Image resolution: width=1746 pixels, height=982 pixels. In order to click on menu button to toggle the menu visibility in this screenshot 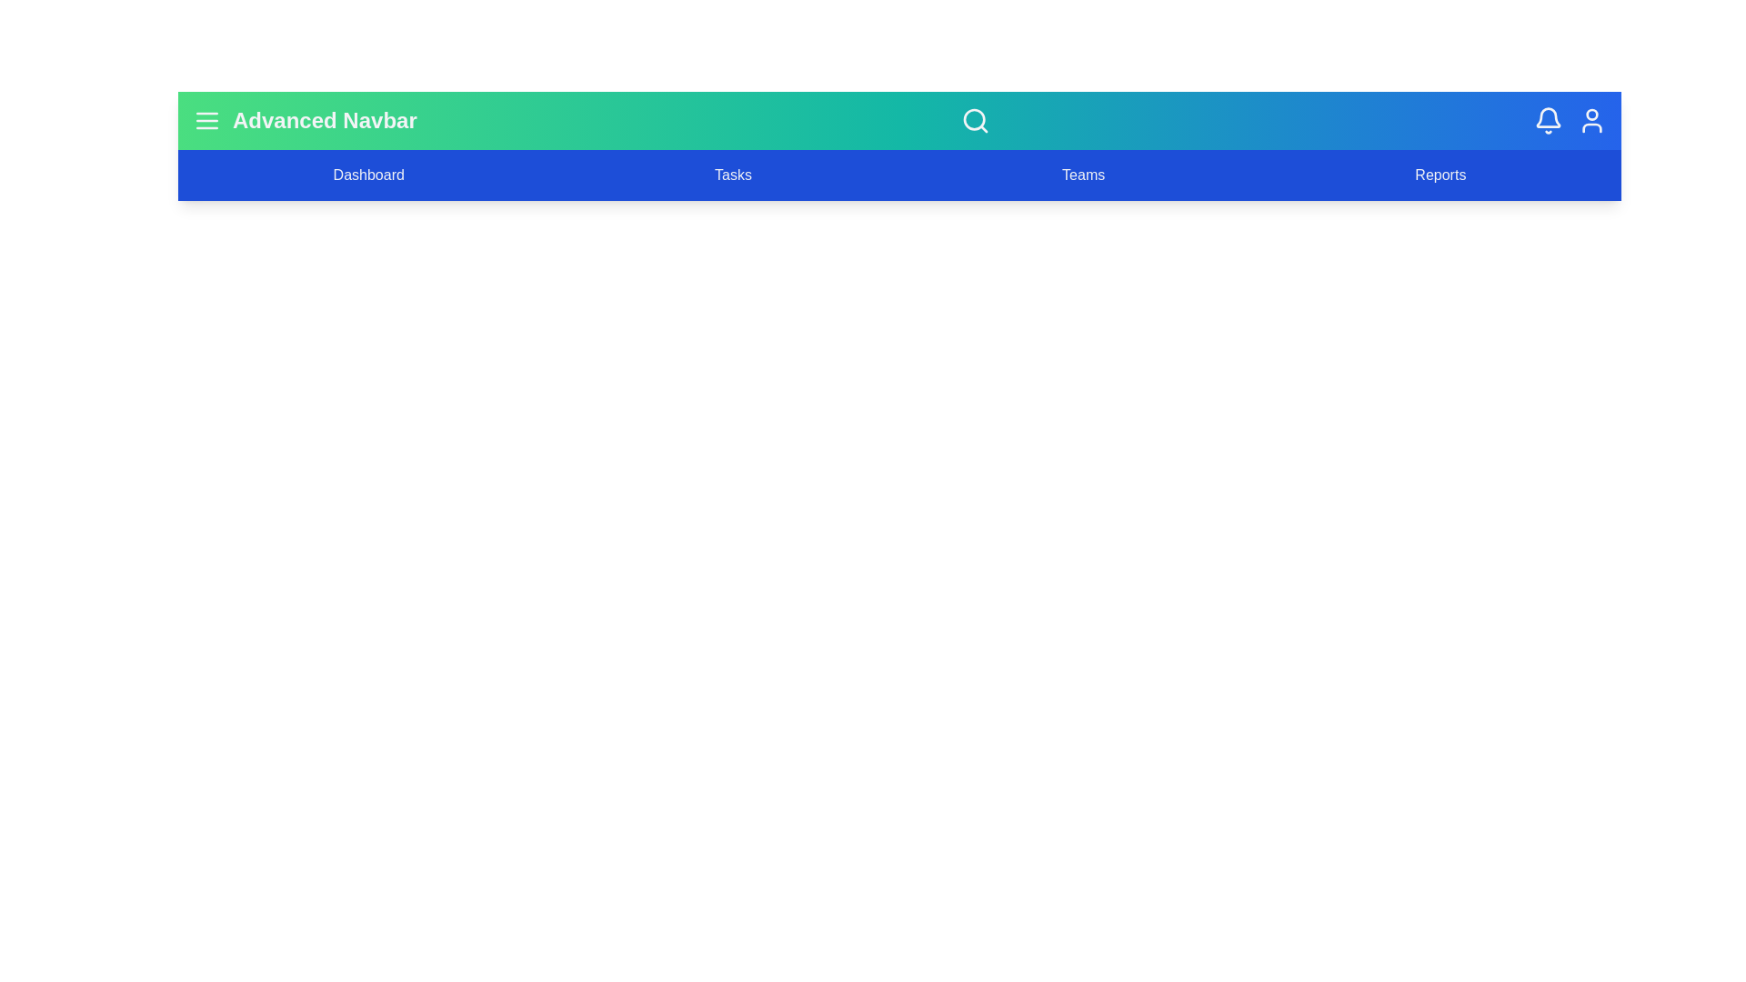, I will do `click(206, 120)`.